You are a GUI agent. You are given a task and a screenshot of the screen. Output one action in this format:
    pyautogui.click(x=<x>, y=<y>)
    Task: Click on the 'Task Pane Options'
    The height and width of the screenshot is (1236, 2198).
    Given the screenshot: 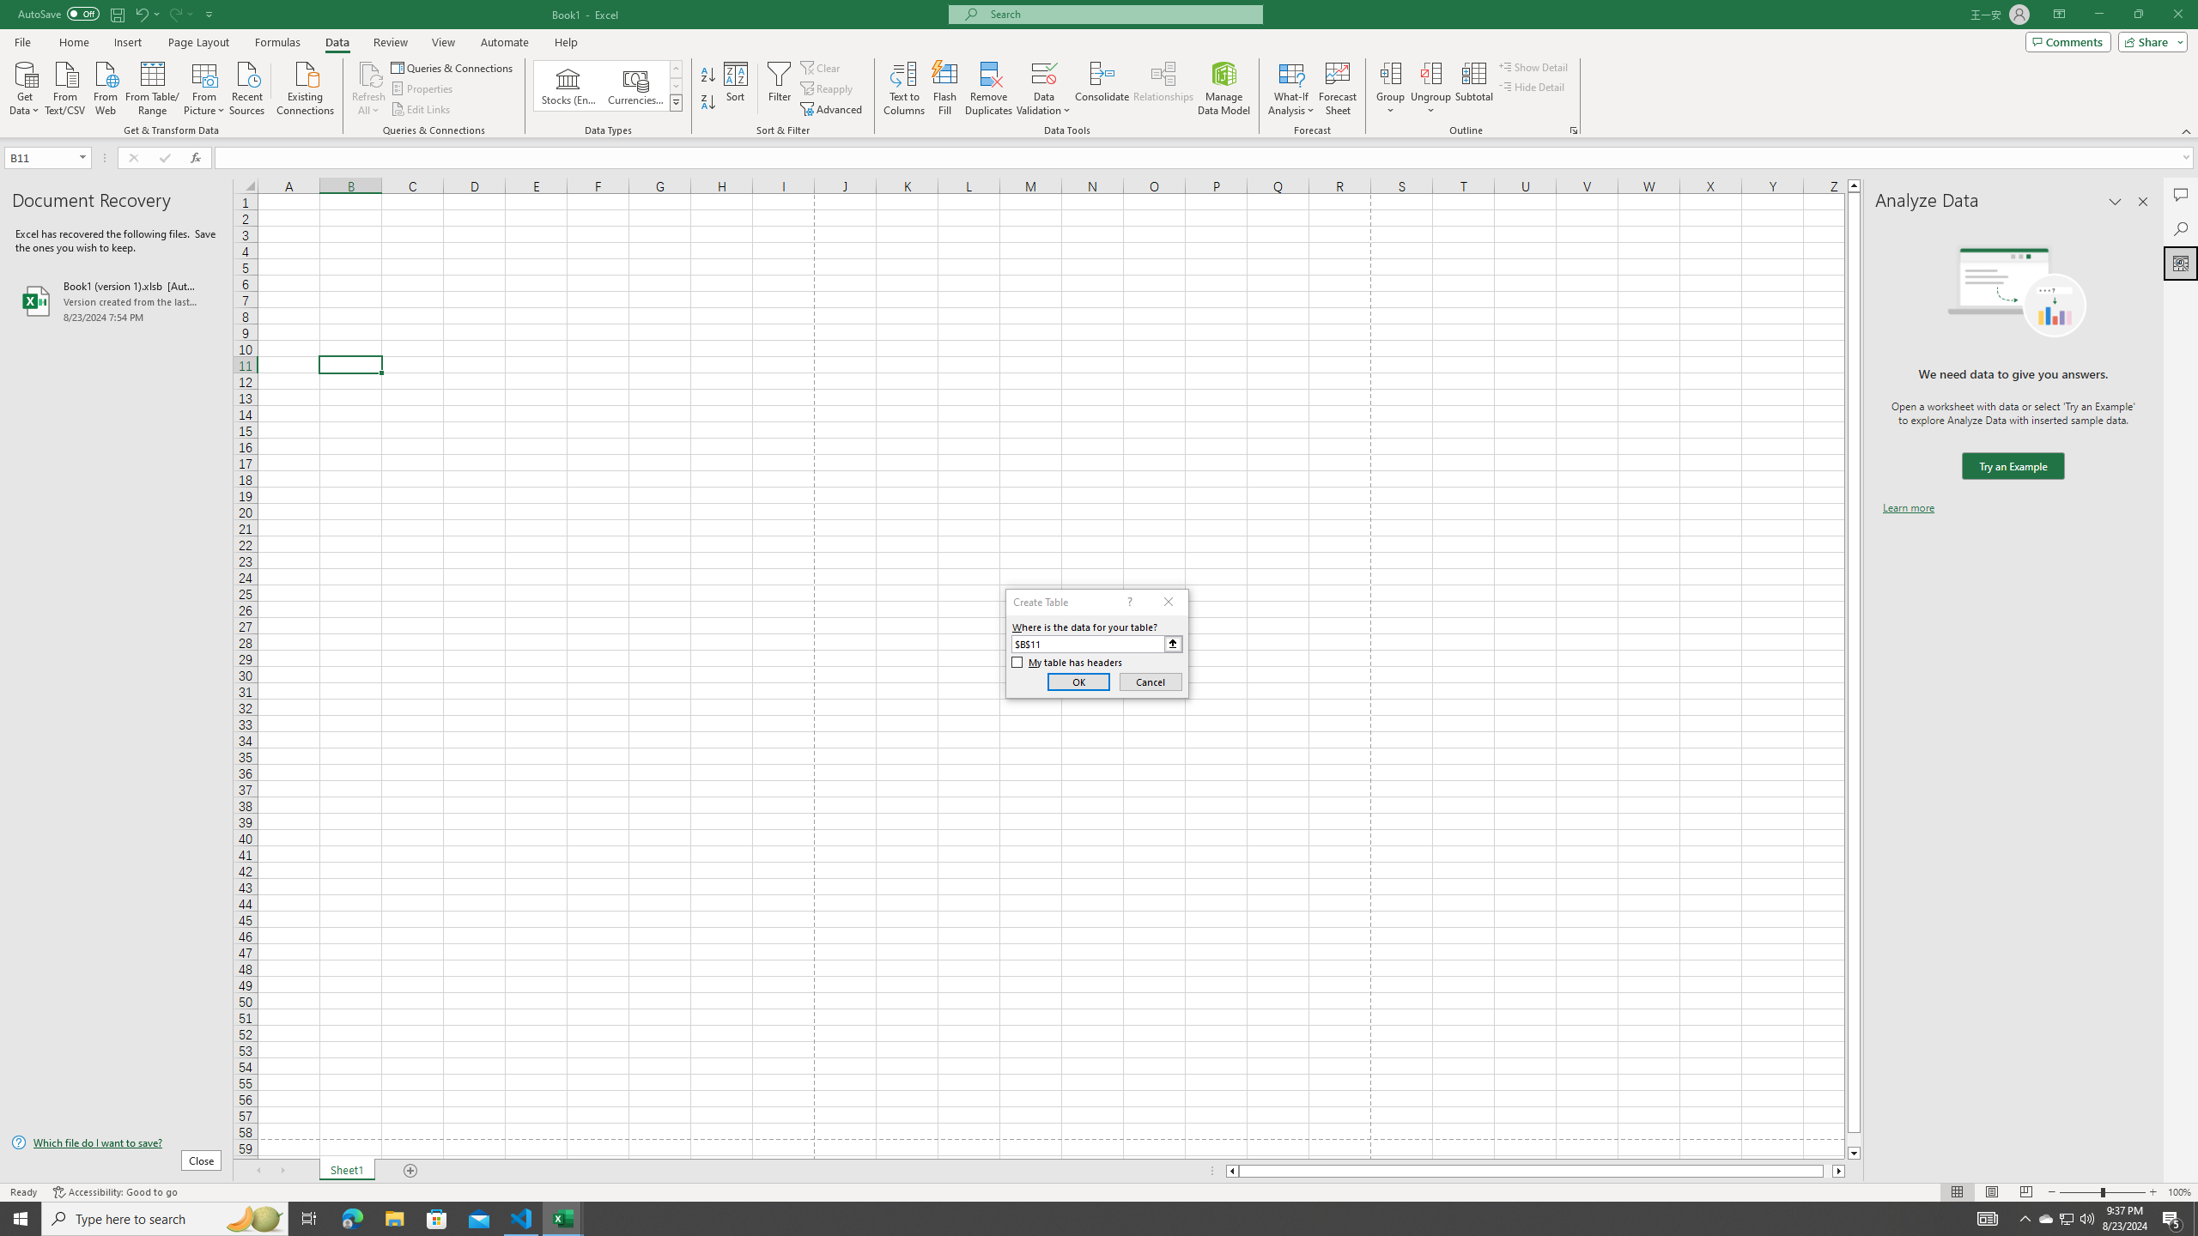 What is the action you would take?
    pyautogui.click(x=2115, y=201)
    